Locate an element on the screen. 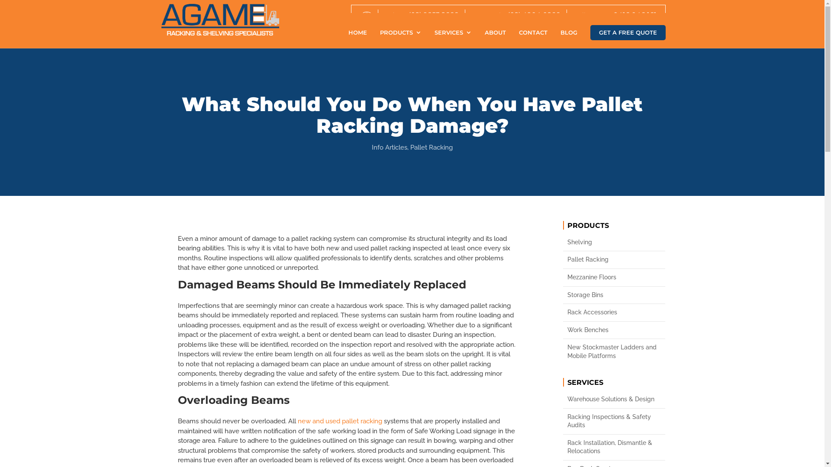 This screenshot has width=831, height=467. 'Newscastle:' is located at coordinates (488, 15).